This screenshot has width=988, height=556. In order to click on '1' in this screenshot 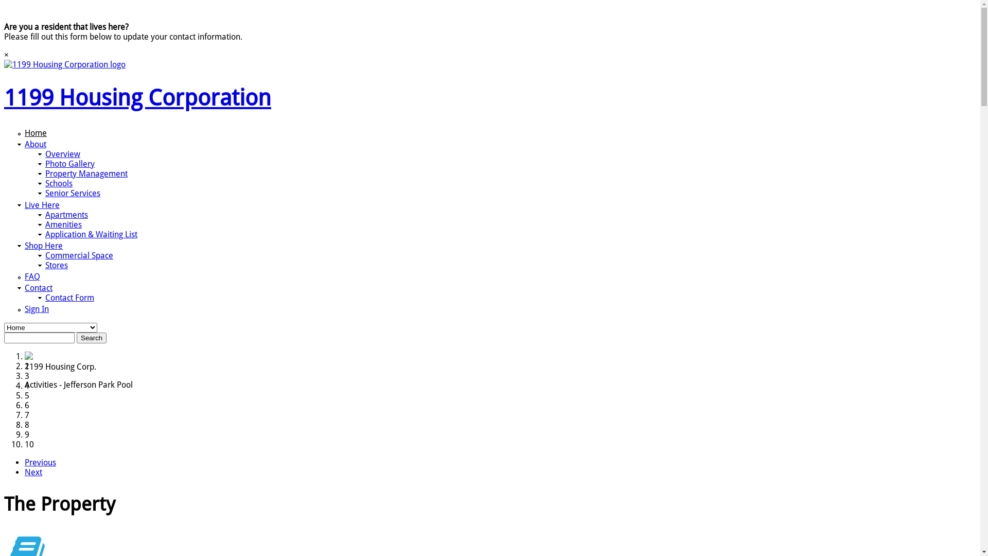, I will do `click(27, 356)`.